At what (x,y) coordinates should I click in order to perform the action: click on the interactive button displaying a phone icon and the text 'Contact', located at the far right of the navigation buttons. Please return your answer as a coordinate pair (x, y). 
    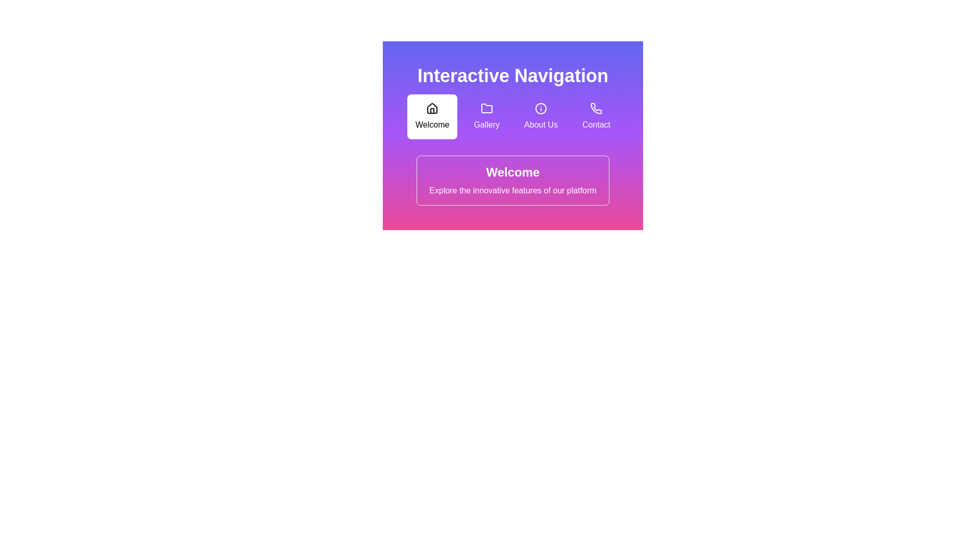
    Looking at the image, I should click on (596, 116).